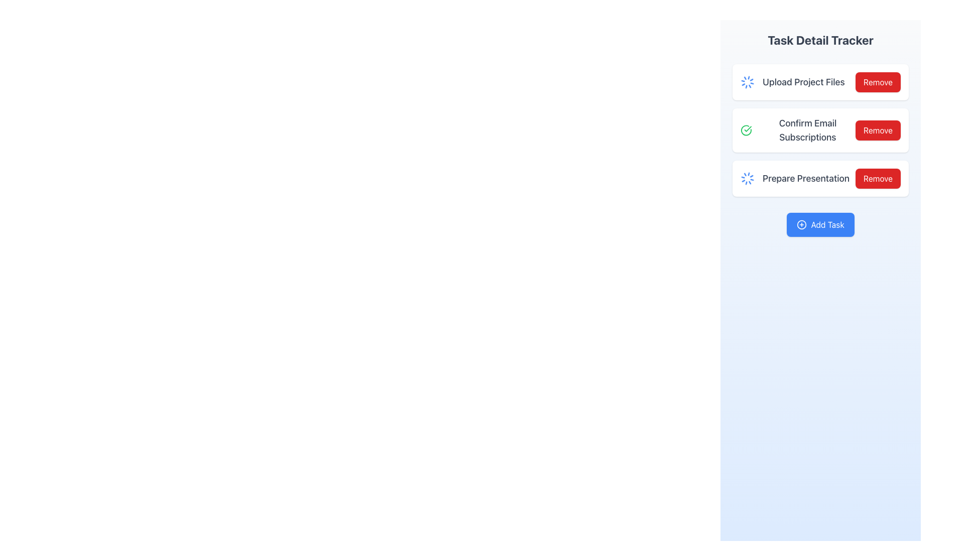  I want to click on the third task title label in the vertical list, which is part of the 'Task Detail Tracker' card on the right sidebar of the interface, so click(806, 178).